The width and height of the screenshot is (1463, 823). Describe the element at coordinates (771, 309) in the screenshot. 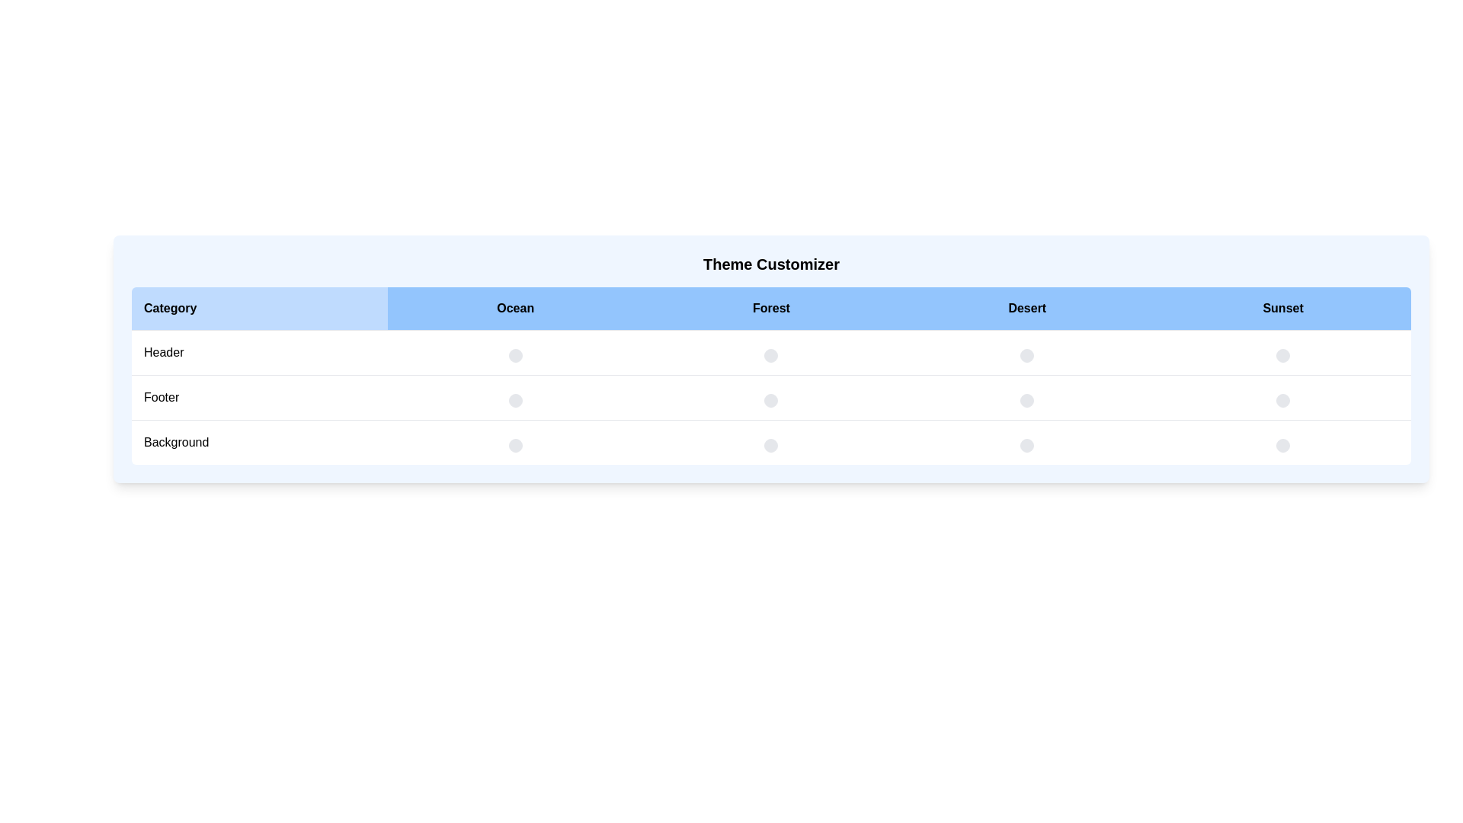

I see `the third table header cell labeled 'Forest', which is located between the 'Ocean' and 'Desert' headers` at that location.